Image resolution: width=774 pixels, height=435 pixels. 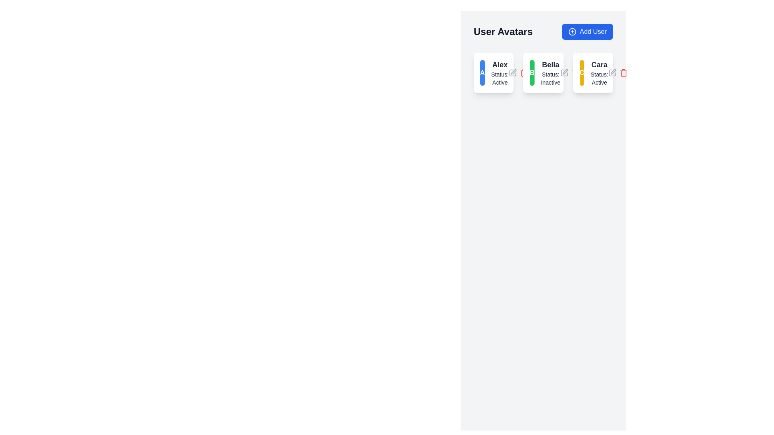 I want to click on the static text label displaying the current status of user 'Bella', which is located beneath the text 'Bella' in the second card of three in a horizontal row, so click(x=550, y=79).